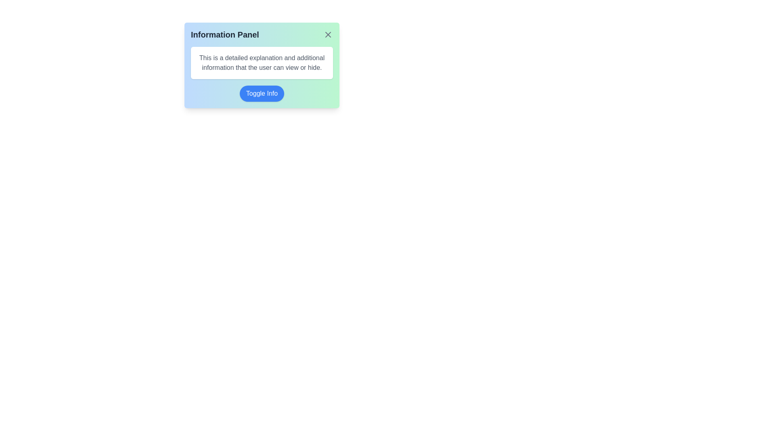 This screenshot has height=436, width=775. I want to click on the gray text block containing 'This is a detailed explanation and additional information that the user can view or hide.', so click(262, 62).